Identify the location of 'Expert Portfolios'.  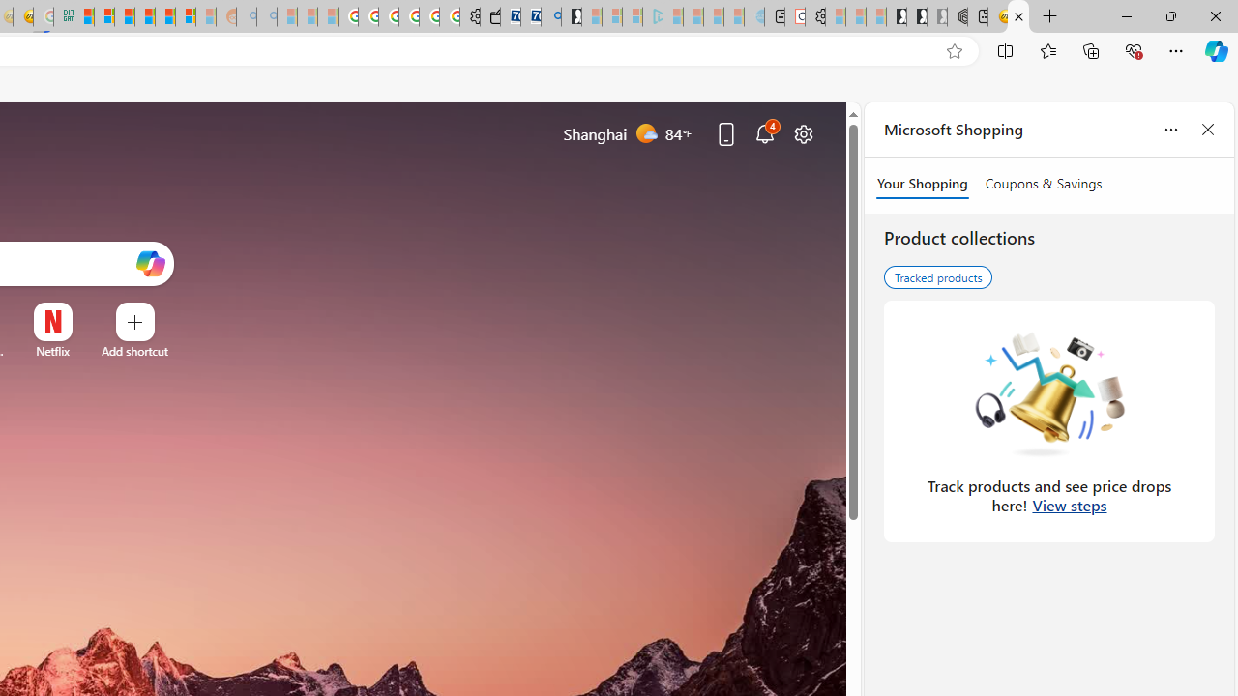
(143, 16).